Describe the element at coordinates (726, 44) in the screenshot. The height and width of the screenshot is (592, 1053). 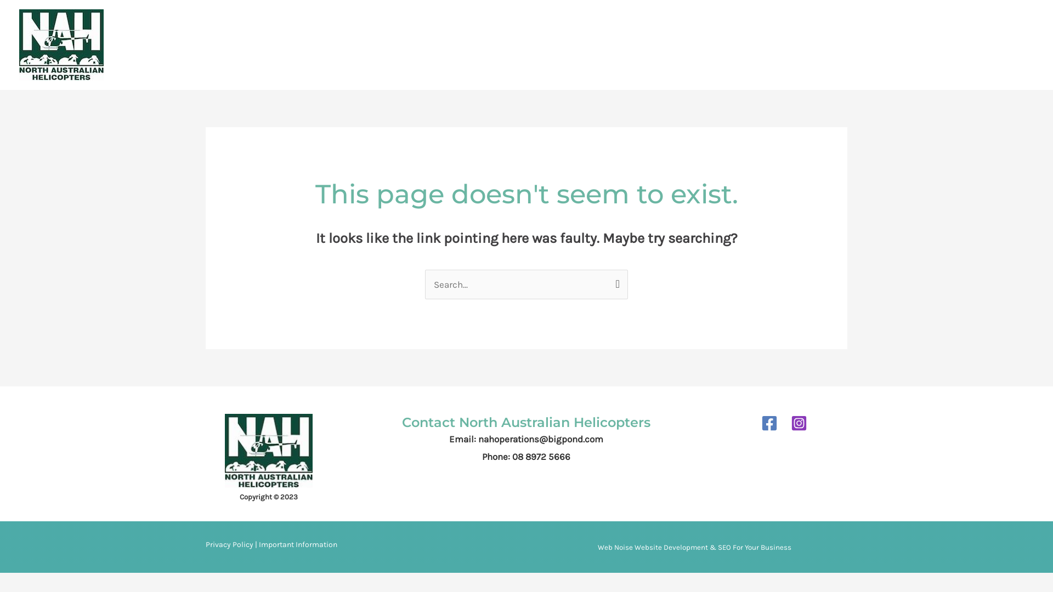
I see `'Our Services & Fleet'` at that location.